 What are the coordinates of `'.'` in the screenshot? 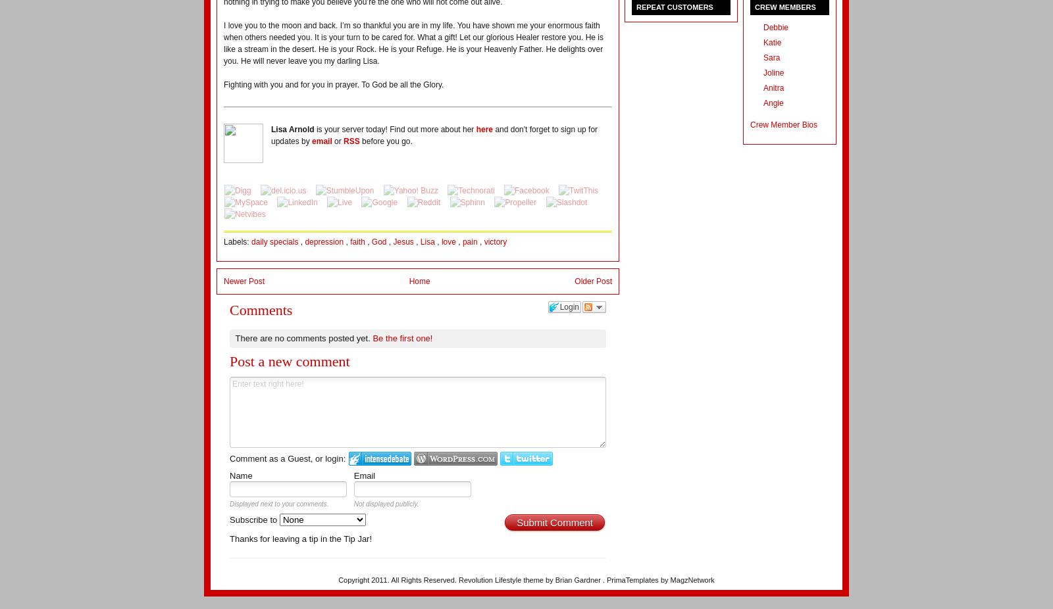 It's located at (604, 580).